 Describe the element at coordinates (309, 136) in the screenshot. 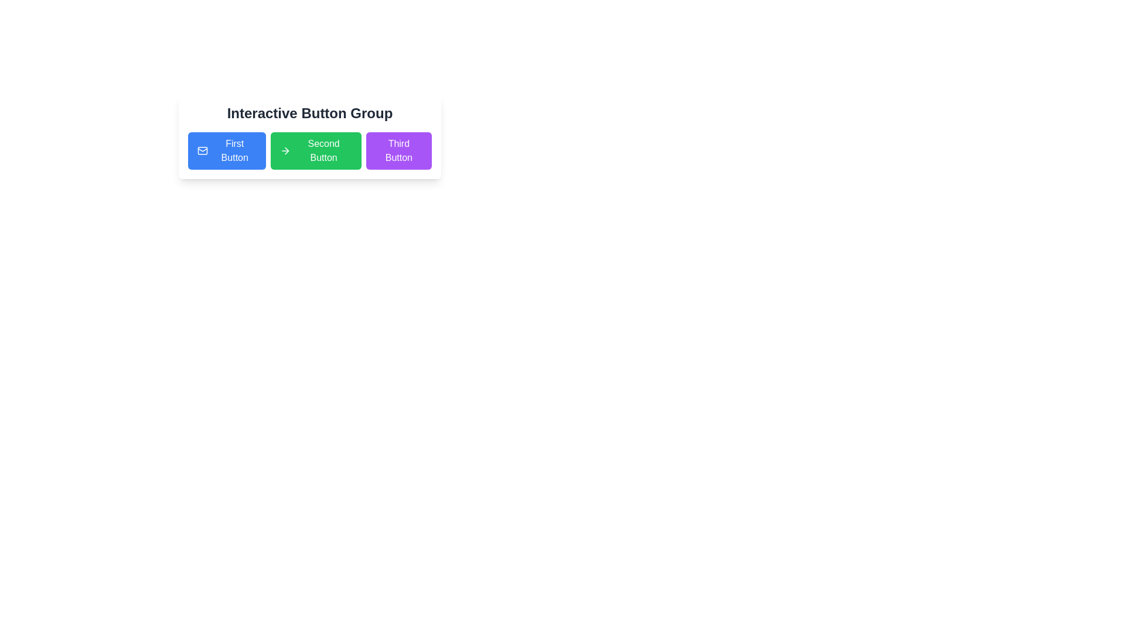

I see `the 'Second Button' in the 'Interactive Button Group' section using keyboard navigation` at that location.